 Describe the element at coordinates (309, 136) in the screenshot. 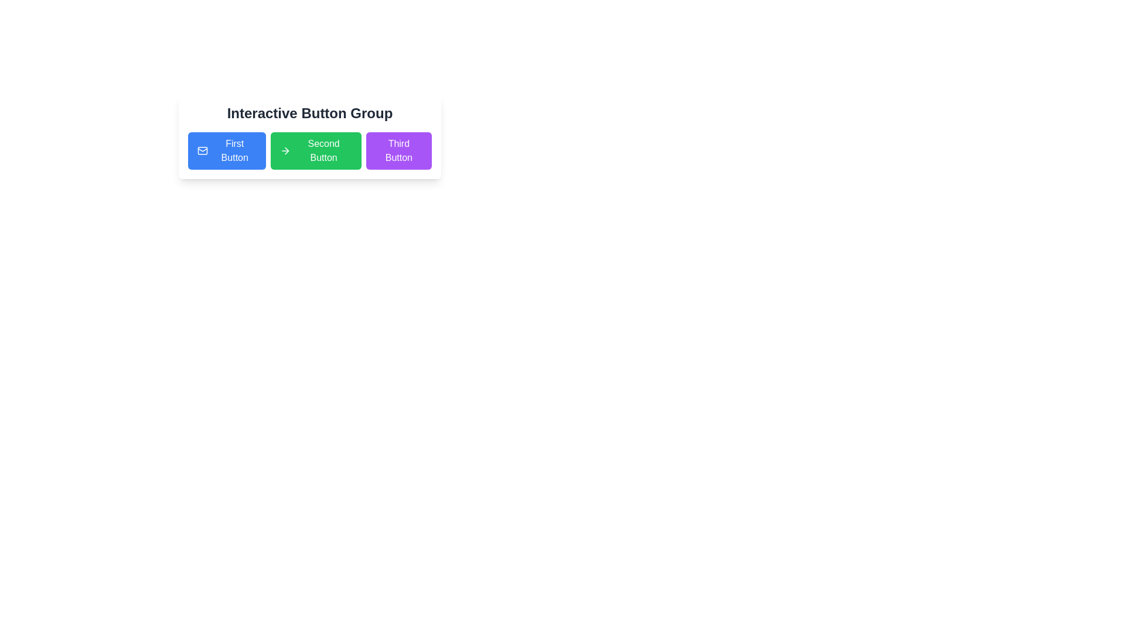

I see `the 'Second Button' in the 'Interactive Button Group' section using keyboard navigation` at that location.